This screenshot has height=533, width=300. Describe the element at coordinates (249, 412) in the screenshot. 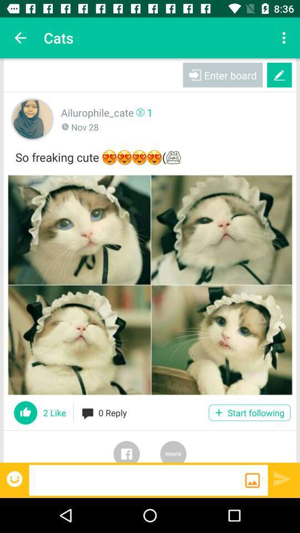

I see `the start following icon` at that location.